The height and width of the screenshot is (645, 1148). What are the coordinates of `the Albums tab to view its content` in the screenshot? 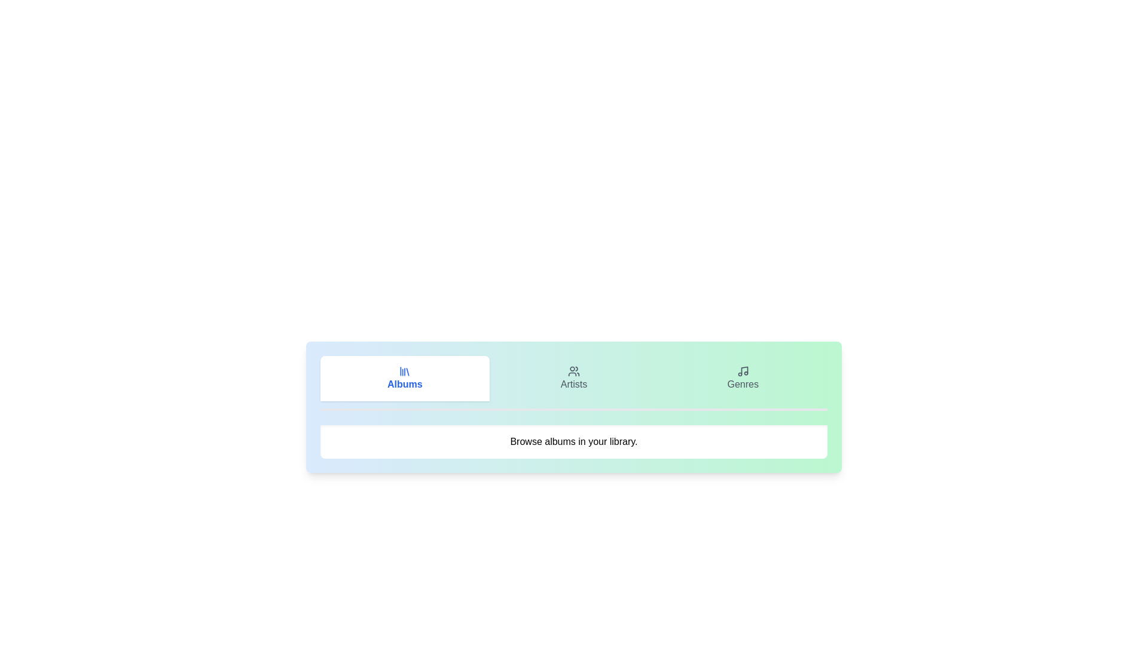 It's located at (404, 378).